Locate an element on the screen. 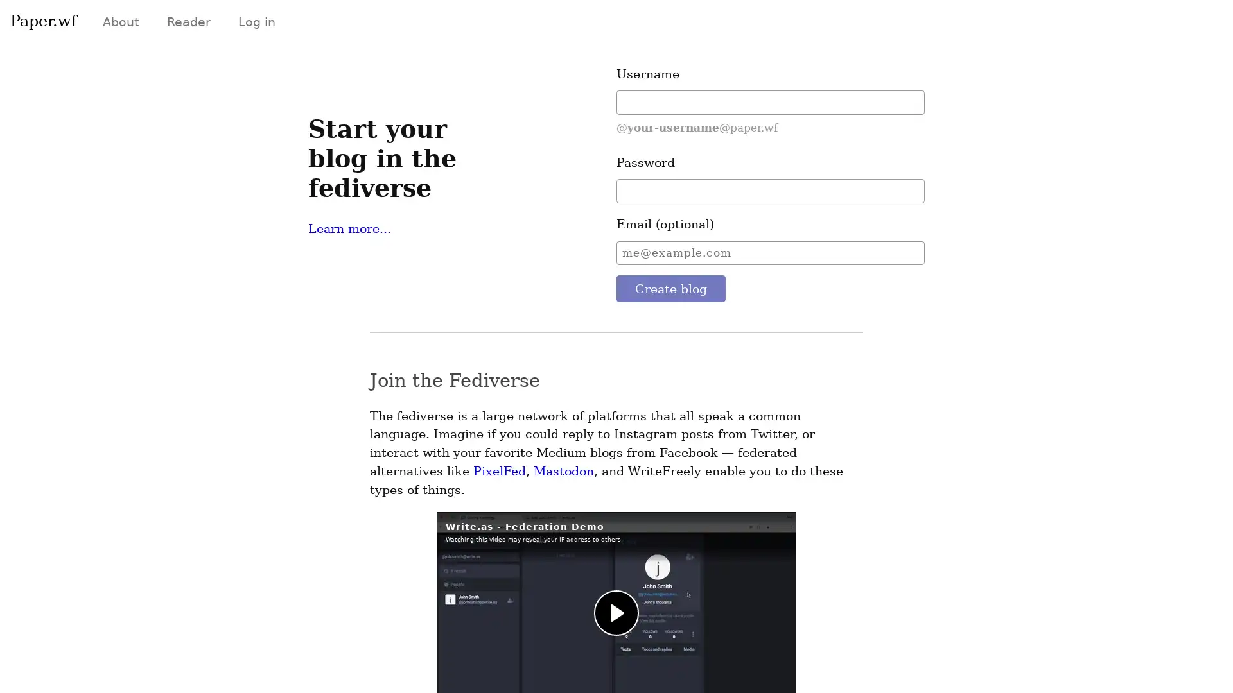 The height and width of the screenshot is (693, 1233). Create blog is located at coordinates (670, 289).